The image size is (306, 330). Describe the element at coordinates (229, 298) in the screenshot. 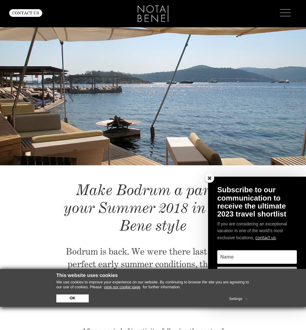

I see `'Settings'` at that location.